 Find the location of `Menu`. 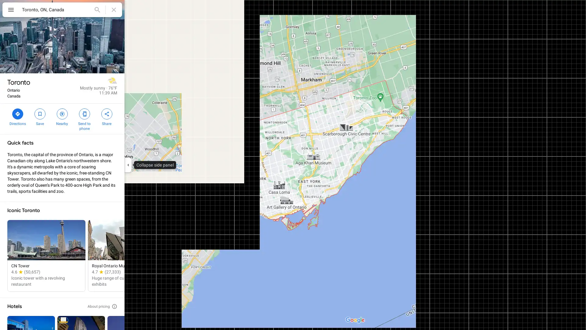

Menu is located at coordinates (11, 10).